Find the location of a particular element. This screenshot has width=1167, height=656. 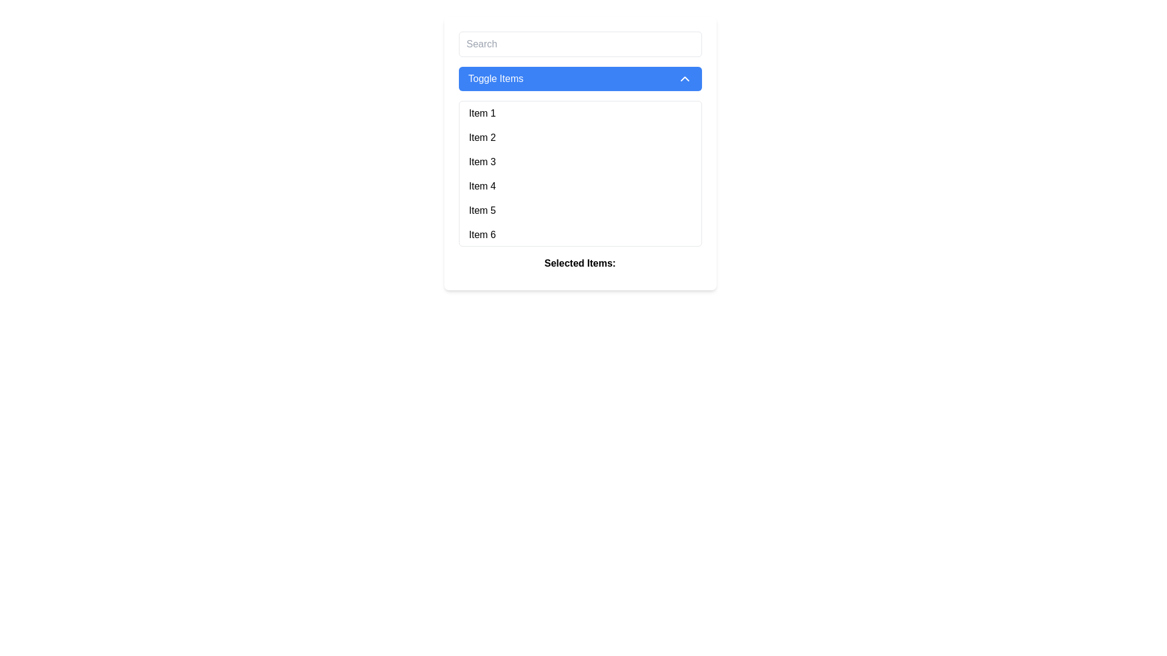

the scroll view containing multiple items labeled 'Item 1' through 'Item 20' is located at coordinates (579, 153).